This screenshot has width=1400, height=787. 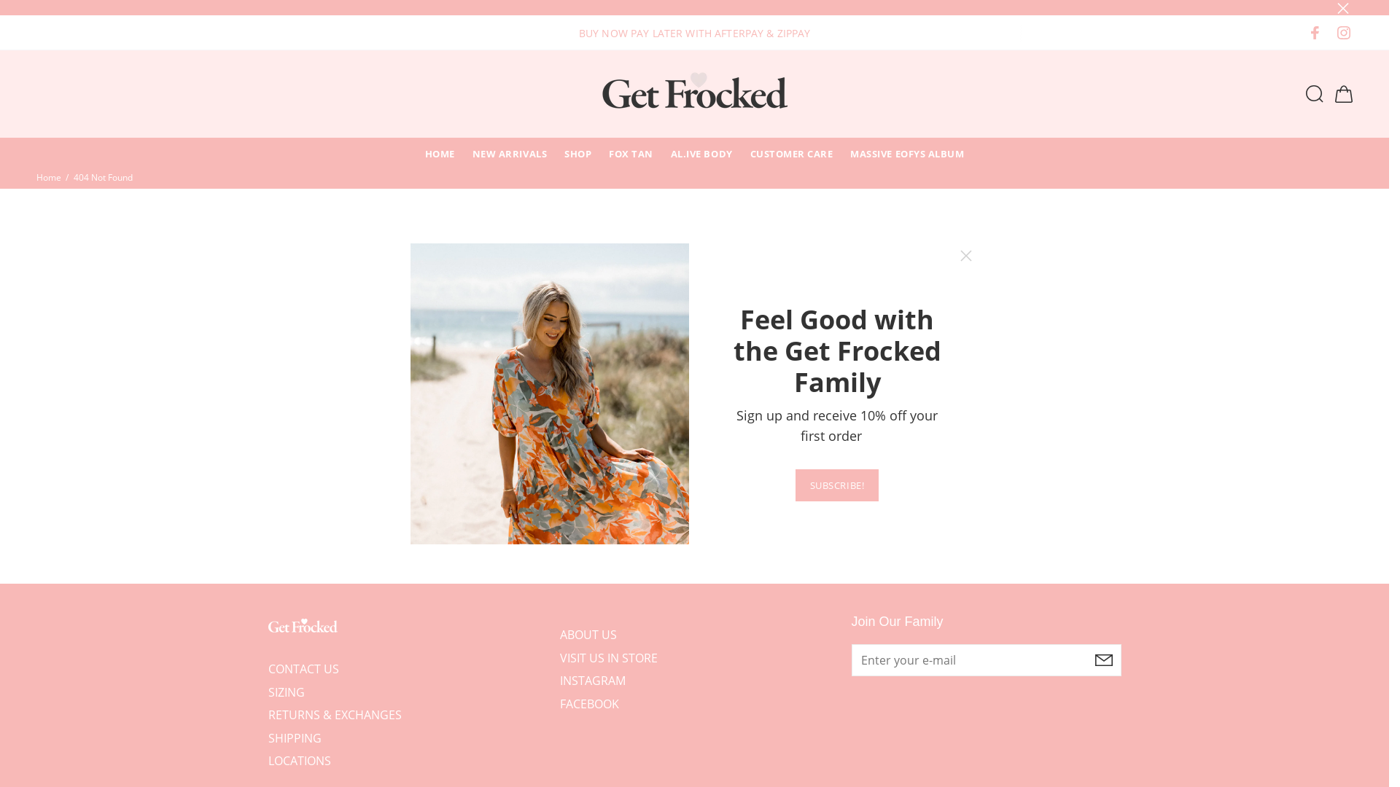 I want to click on 'FOX TAN', so click(x=631, y=152).